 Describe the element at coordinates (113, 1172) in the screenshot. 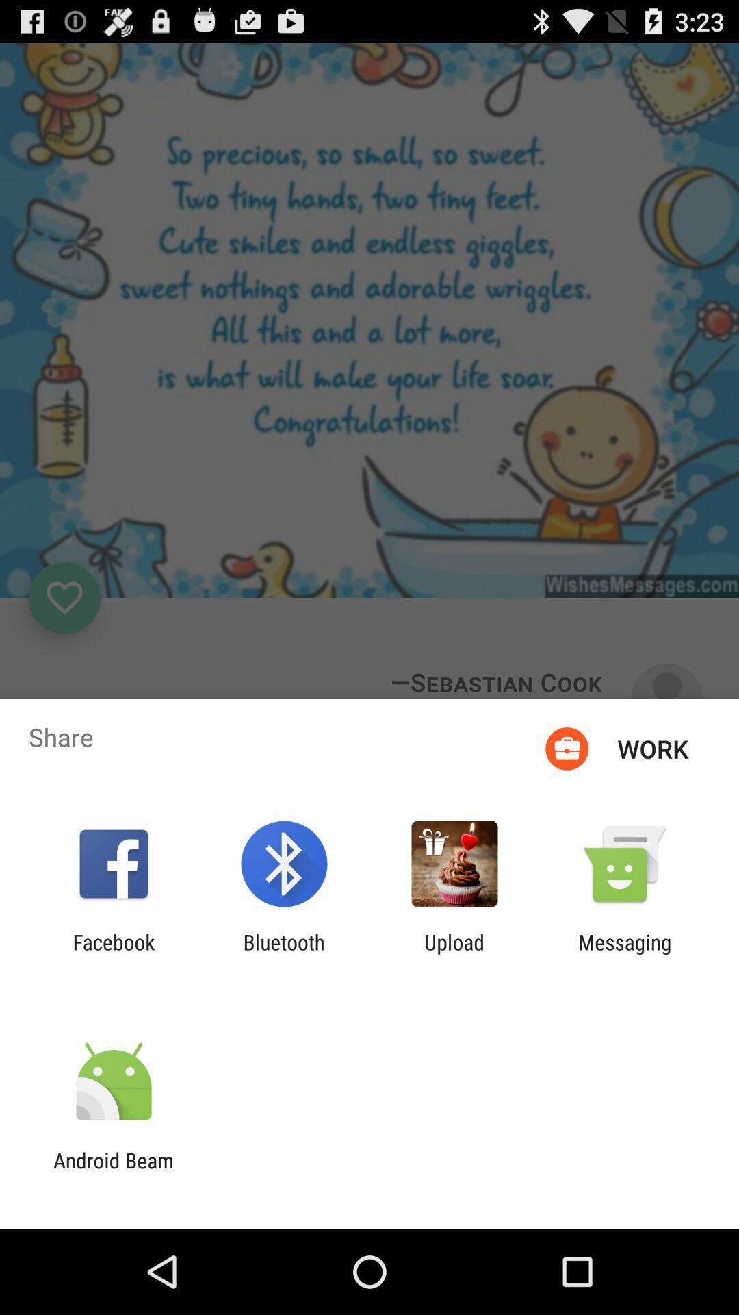

I see `the android beam app` at that location.